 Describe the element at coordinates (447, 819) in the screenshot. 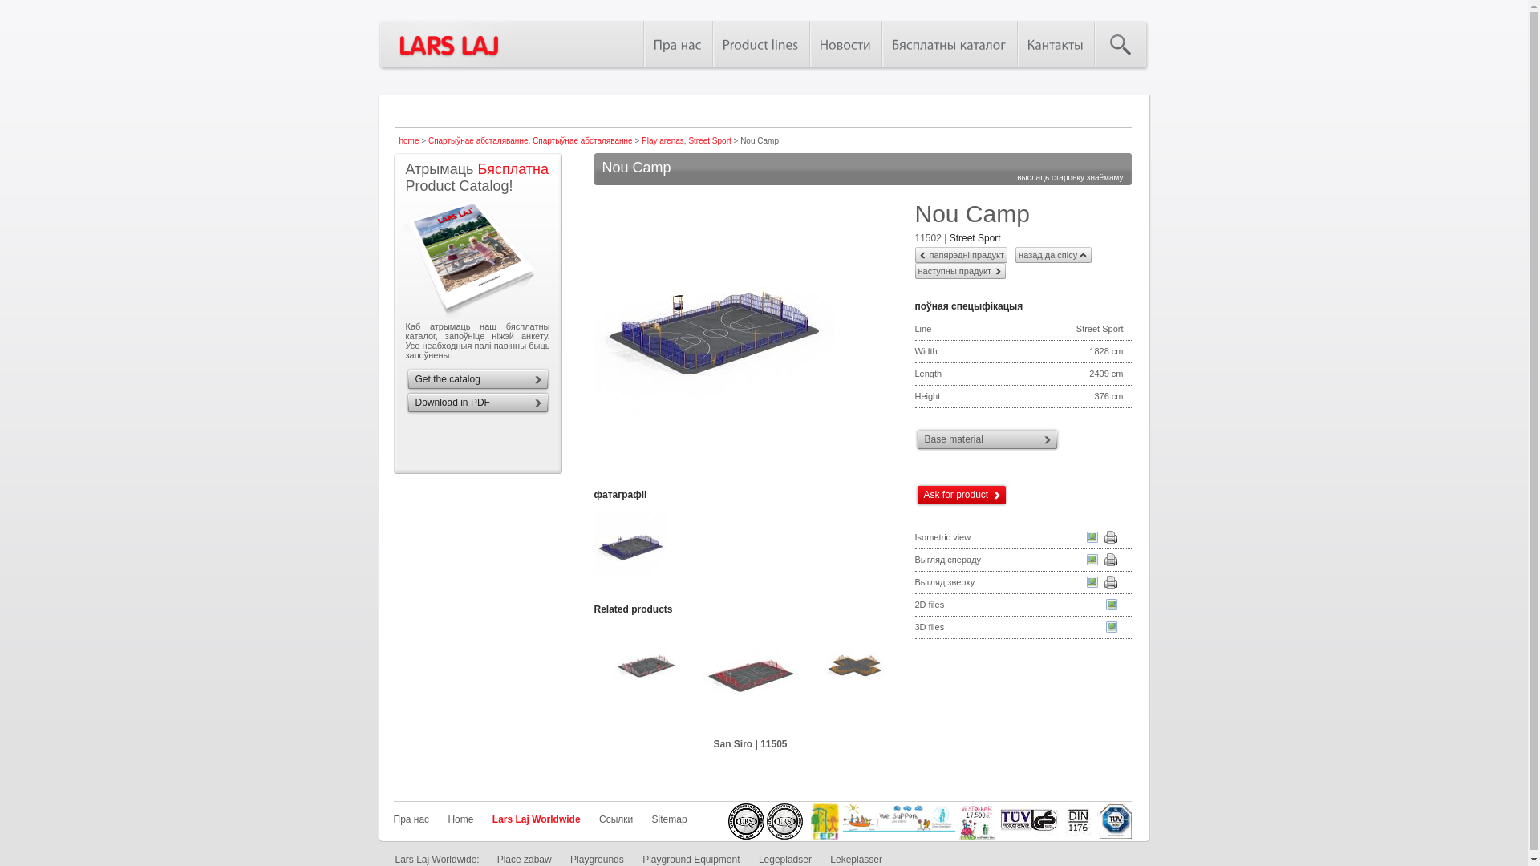

I see `'Home'` at that location.